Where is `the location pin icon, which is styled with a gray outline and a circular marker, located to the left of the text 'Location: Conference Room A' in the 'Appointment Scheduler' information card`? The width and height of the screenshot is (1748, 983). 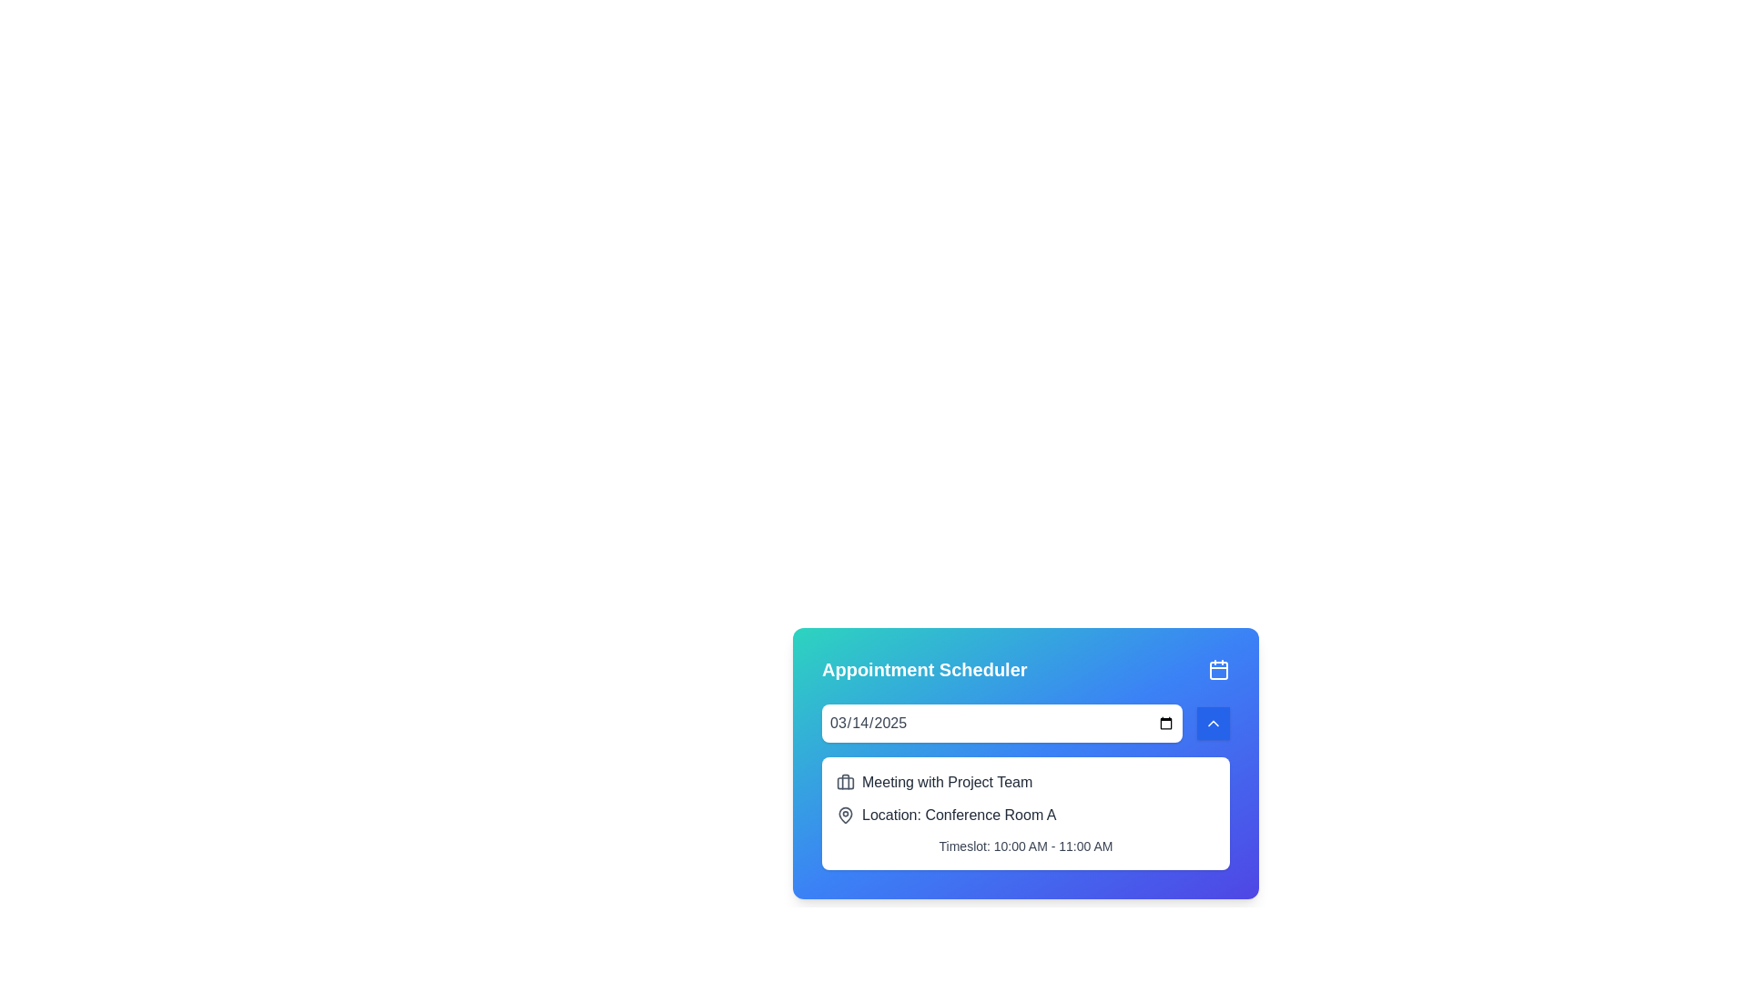
the location pin icon, which is styled with a gray outline and a circular marker, located to the left of the text 'Location: Conference Room A' in the 'Appointment Scheduler' information card is located at coordinates (845, 814).